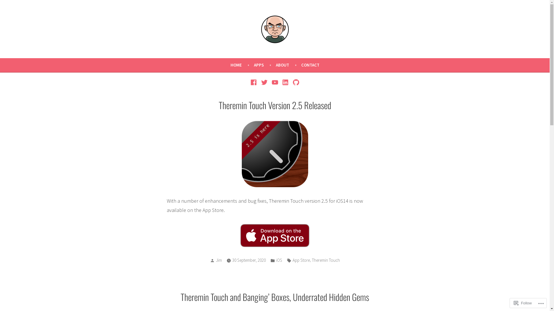 This screenshot has width=554, height=311. I want to click on 'HOME', so click(242, 65).